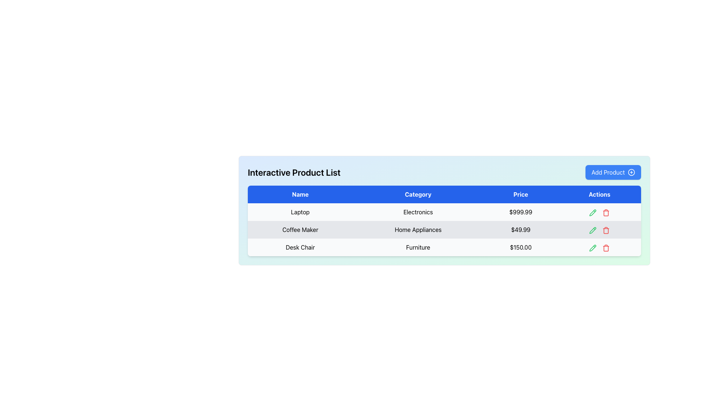 The image size is (707, 397). What do you see at coordinates (520, 194) in the screenshot?
I see `the 'Price' text label displayed in bold white font against a blue background, which is centrally located in the header of a table as the third column` at bounding box center [520, 194].